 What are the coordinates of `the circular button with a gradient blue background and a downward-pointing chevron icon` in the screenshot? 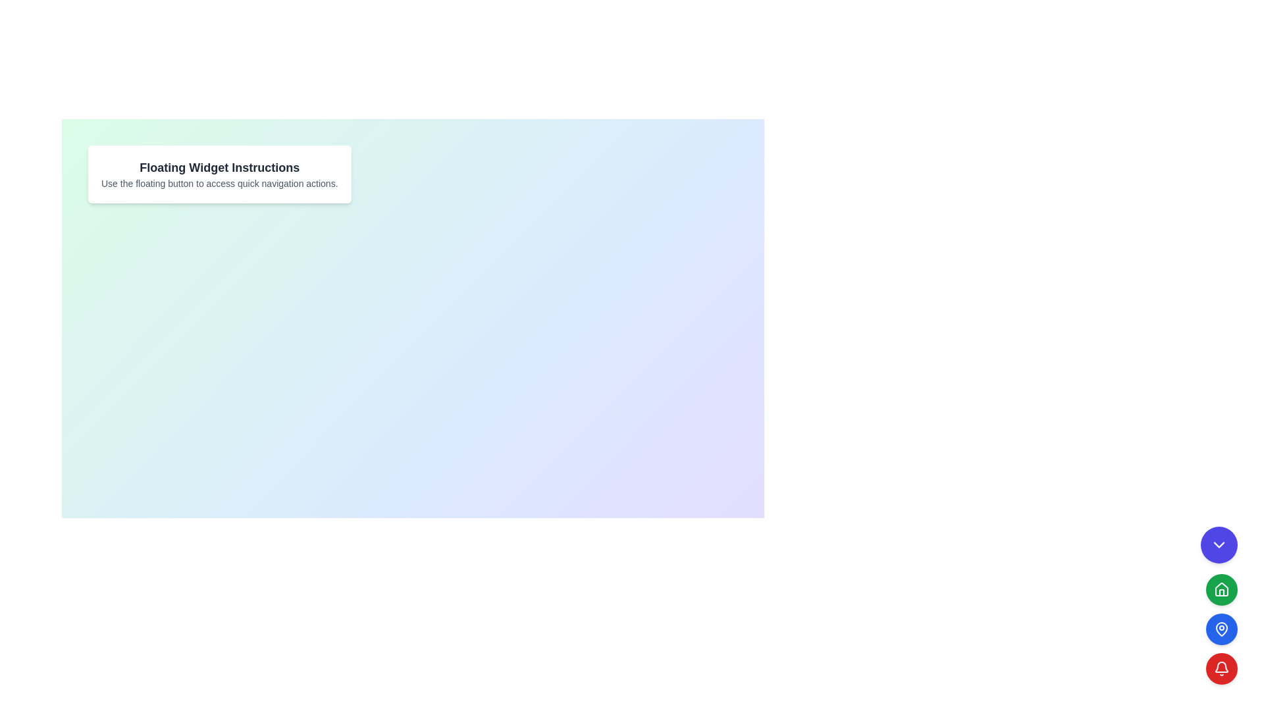 It's located at (1219, 545).